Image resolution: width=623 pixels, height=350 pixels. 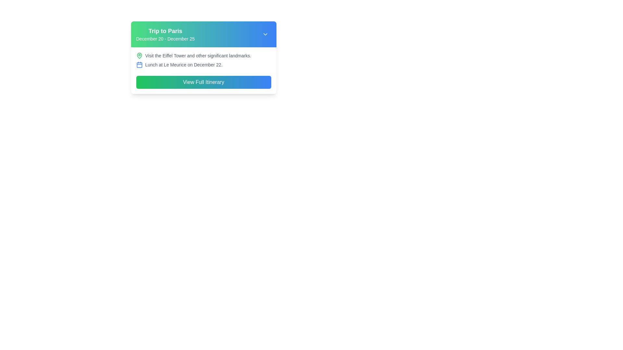 I want to click on the green map pin icon located at the start of the second line of text next to the phrase 'Visit the Eiffel Tower and other significant landmarks.', so click(x=139, y=55).